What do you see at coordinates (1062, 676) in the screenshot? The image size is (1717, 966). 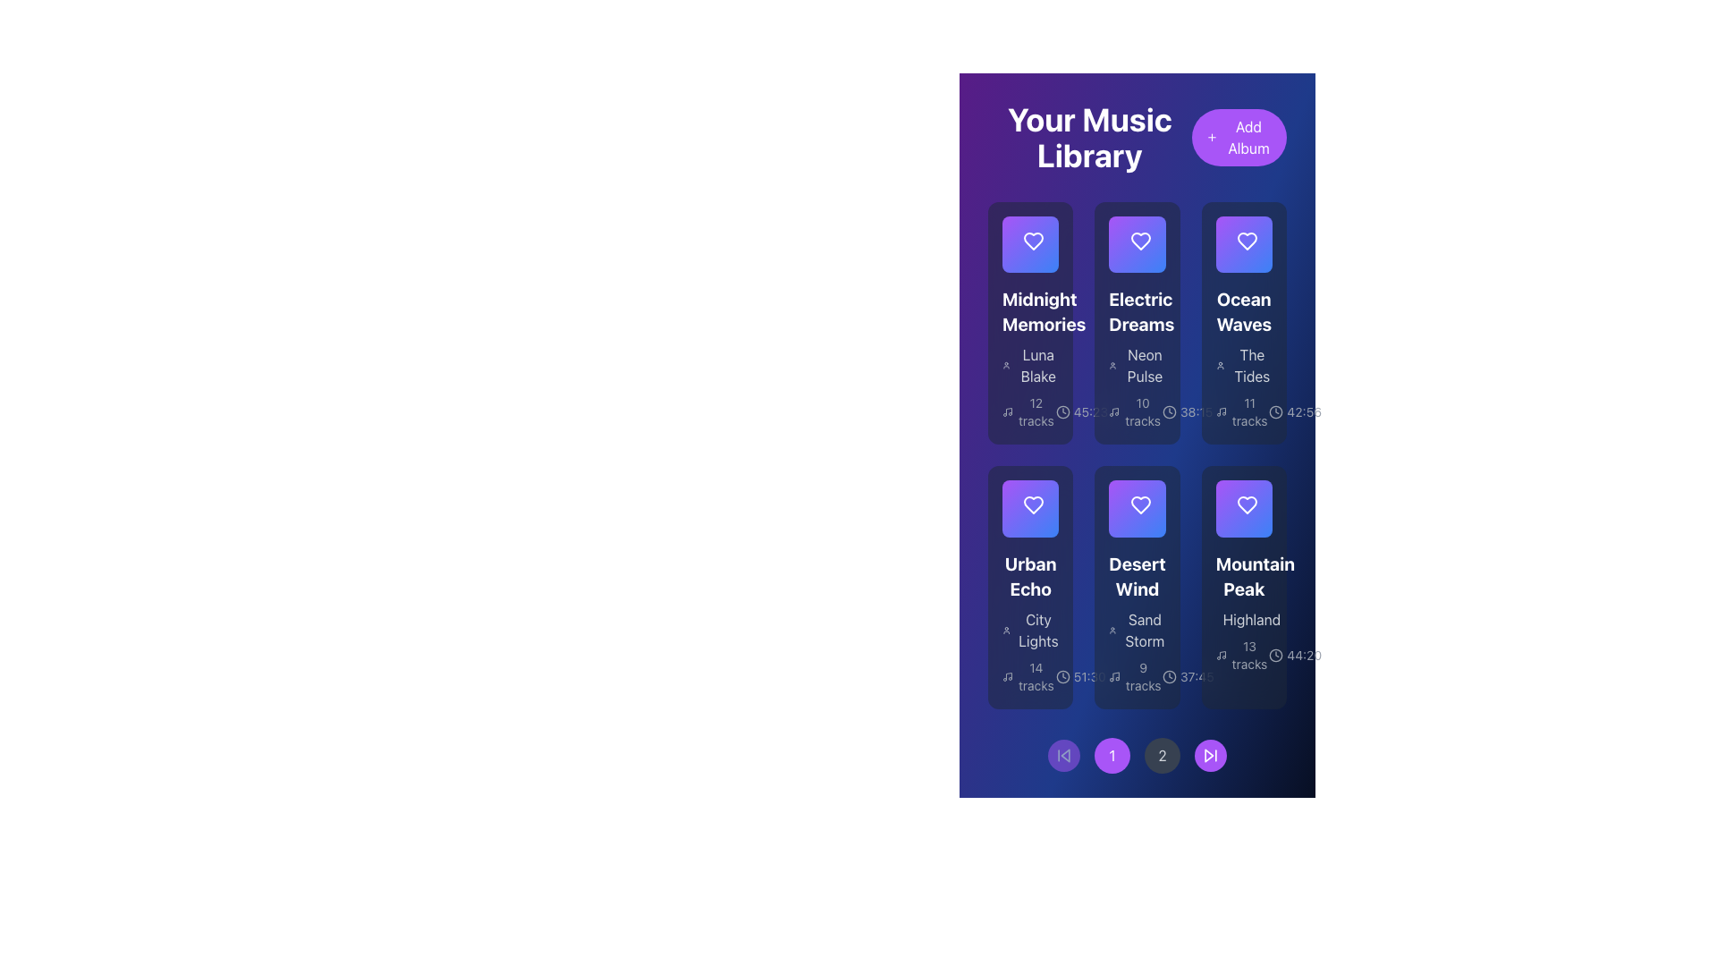 I see `the Clock icon located at the bottom of the 'Urban Echo' card, positioned below the '14 tracks' text and next to the '51:30' duration indicator` at bounding box center [1062, 676].